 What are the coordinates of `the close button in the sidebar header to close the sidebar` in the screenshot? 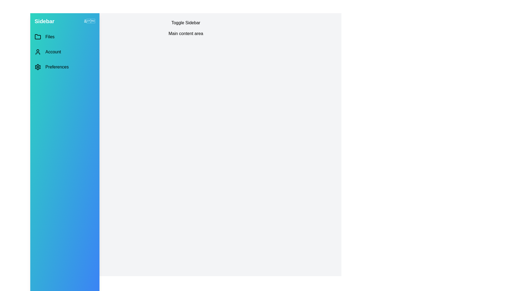 It's located at (89, 21).